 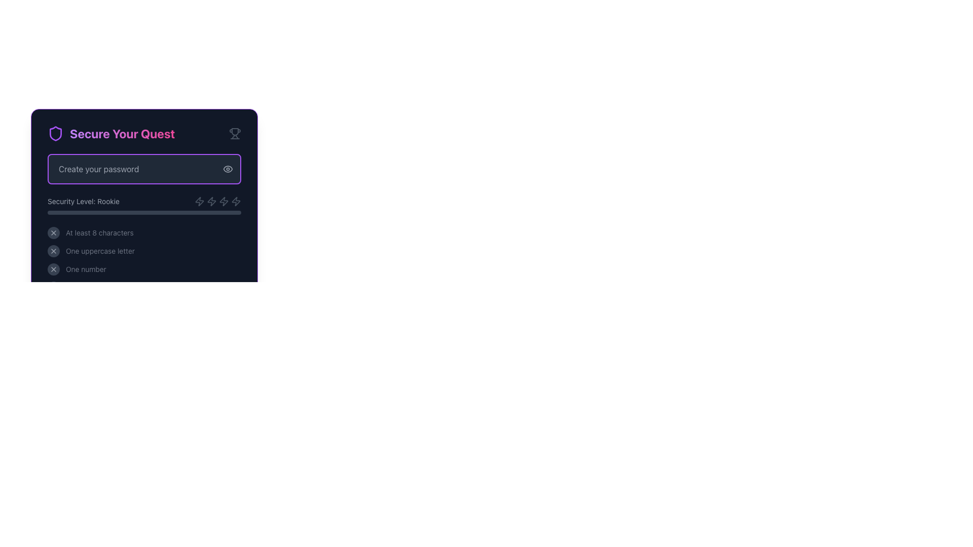 I want to click on group of lightning bolt icons that visually represent the 'security level' and are located directly to the right of the text 'Security Level: Rookie', so click(x=217, y=201).